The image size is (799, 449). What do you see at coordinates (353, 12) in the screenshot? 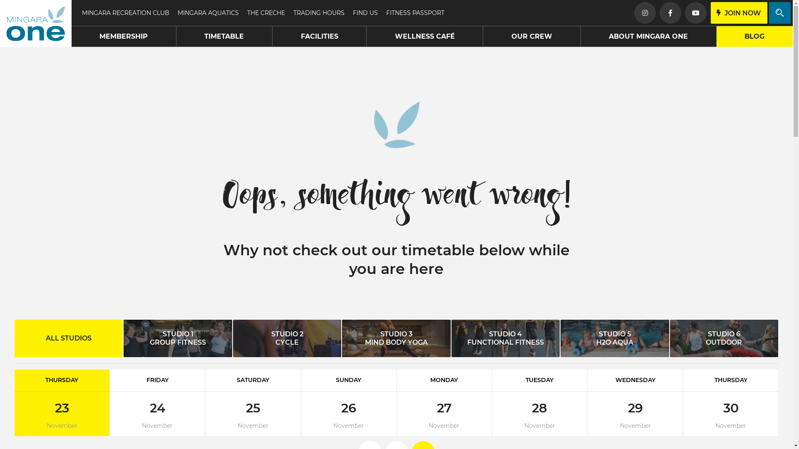
I see `'FIND US'` at bounding box center [353, 12].